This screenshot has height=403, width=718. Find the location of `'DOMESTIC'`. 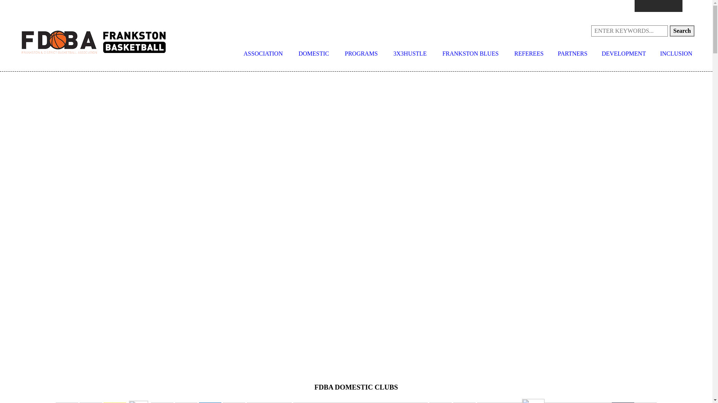

'DOMESTIC' is located at coordinates (314, 53).